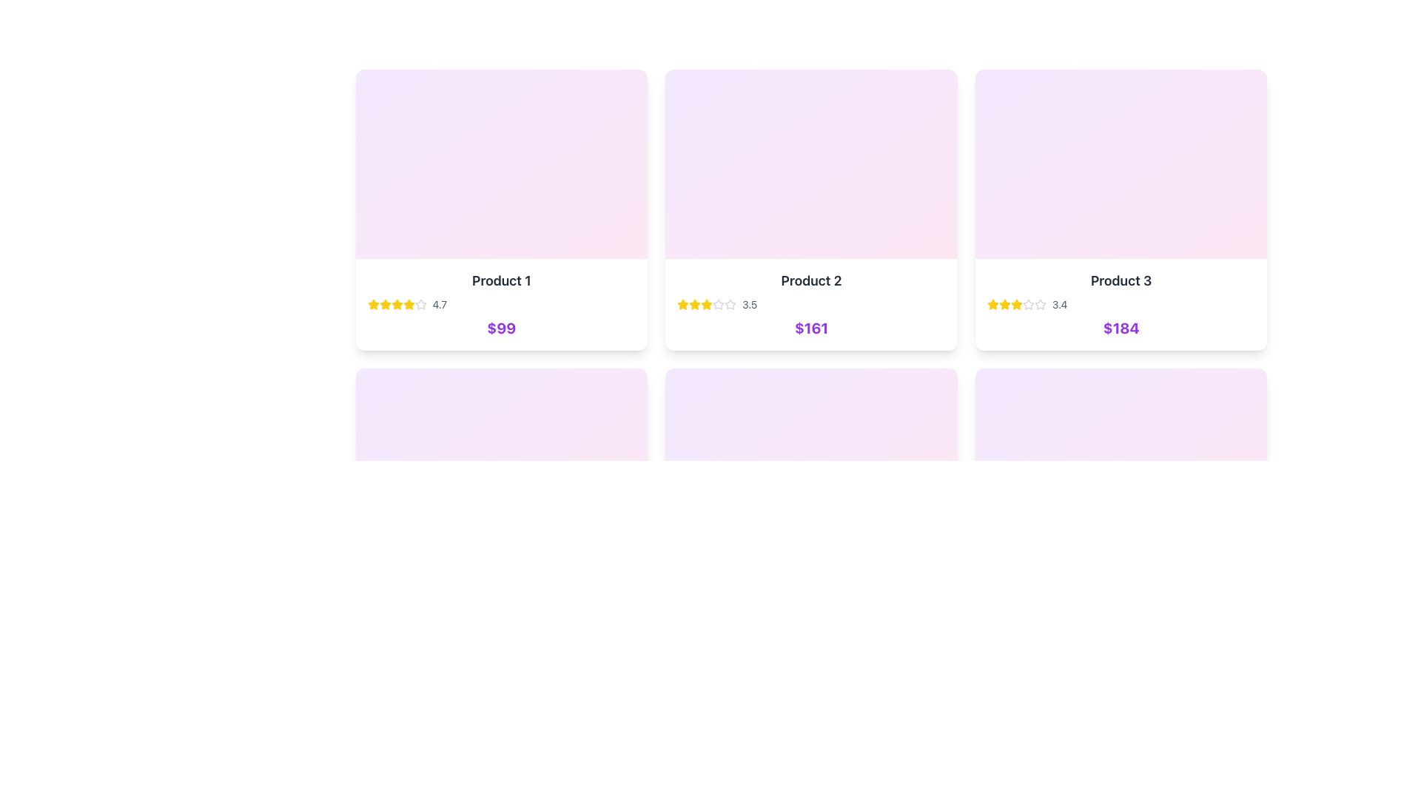 The width and height of the screenshot is (1421, 799). What do you see at coordinates (992, 304) in the screenshot?
I see `the first star icon in the rating section of the card labeled 'Product 3' in the third column to indicate user feedback or review aggregate` at bounding box center [992, 304].